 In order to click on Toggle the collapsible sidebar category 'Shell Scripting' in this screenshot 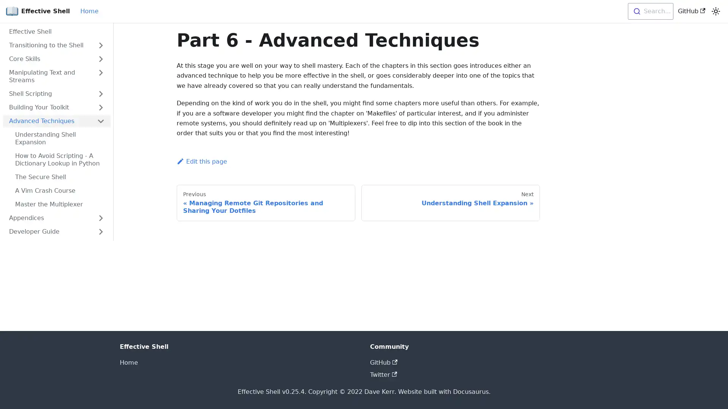, I will do `click(100, 93)`.